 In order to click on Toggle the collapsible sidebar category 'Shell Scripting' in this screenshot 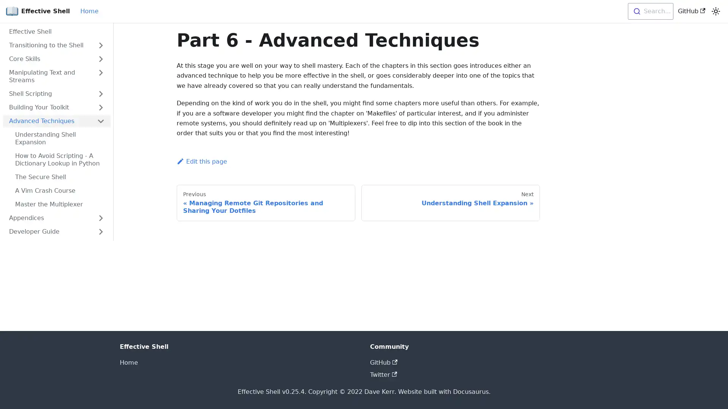, I will do `click(100, 93)`.